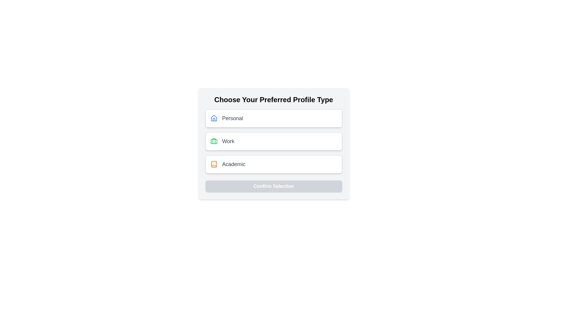 The width and height of the screenshot is (566, 318). What do you see at coordinates (213, 118) in the screenshot?
I see `the icon representing the 'Personal' profile type selection, located to the left of the text label 'Personal' within the topmost selectable card of profile choices` at bounding box center [213, 118].